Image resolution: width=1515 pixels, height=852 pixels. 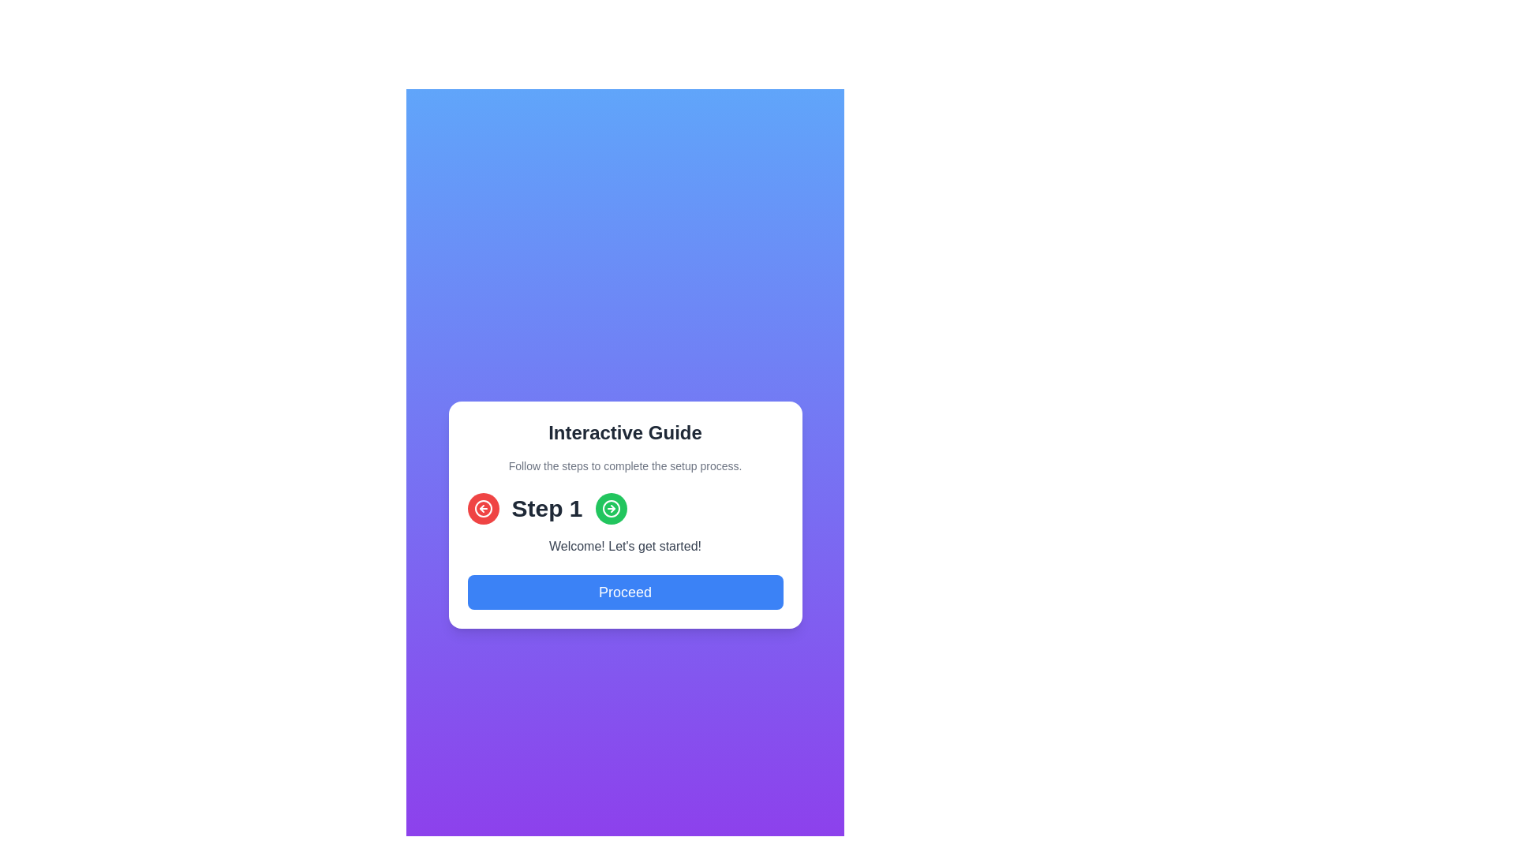 I want to click on the forward navigation button located to the right of 'Step 1' to observe UI changes, so click(x=610, y=508).